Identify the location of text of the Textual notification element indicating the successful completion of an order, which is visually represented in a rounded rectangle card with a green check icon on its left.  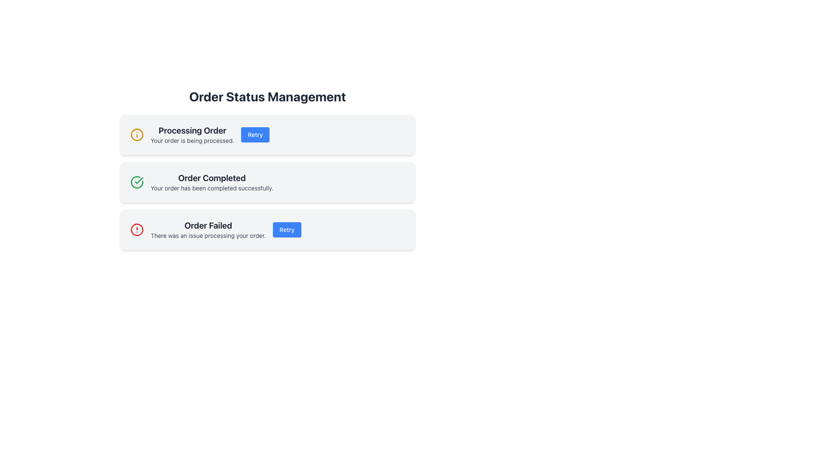
(212, 182).